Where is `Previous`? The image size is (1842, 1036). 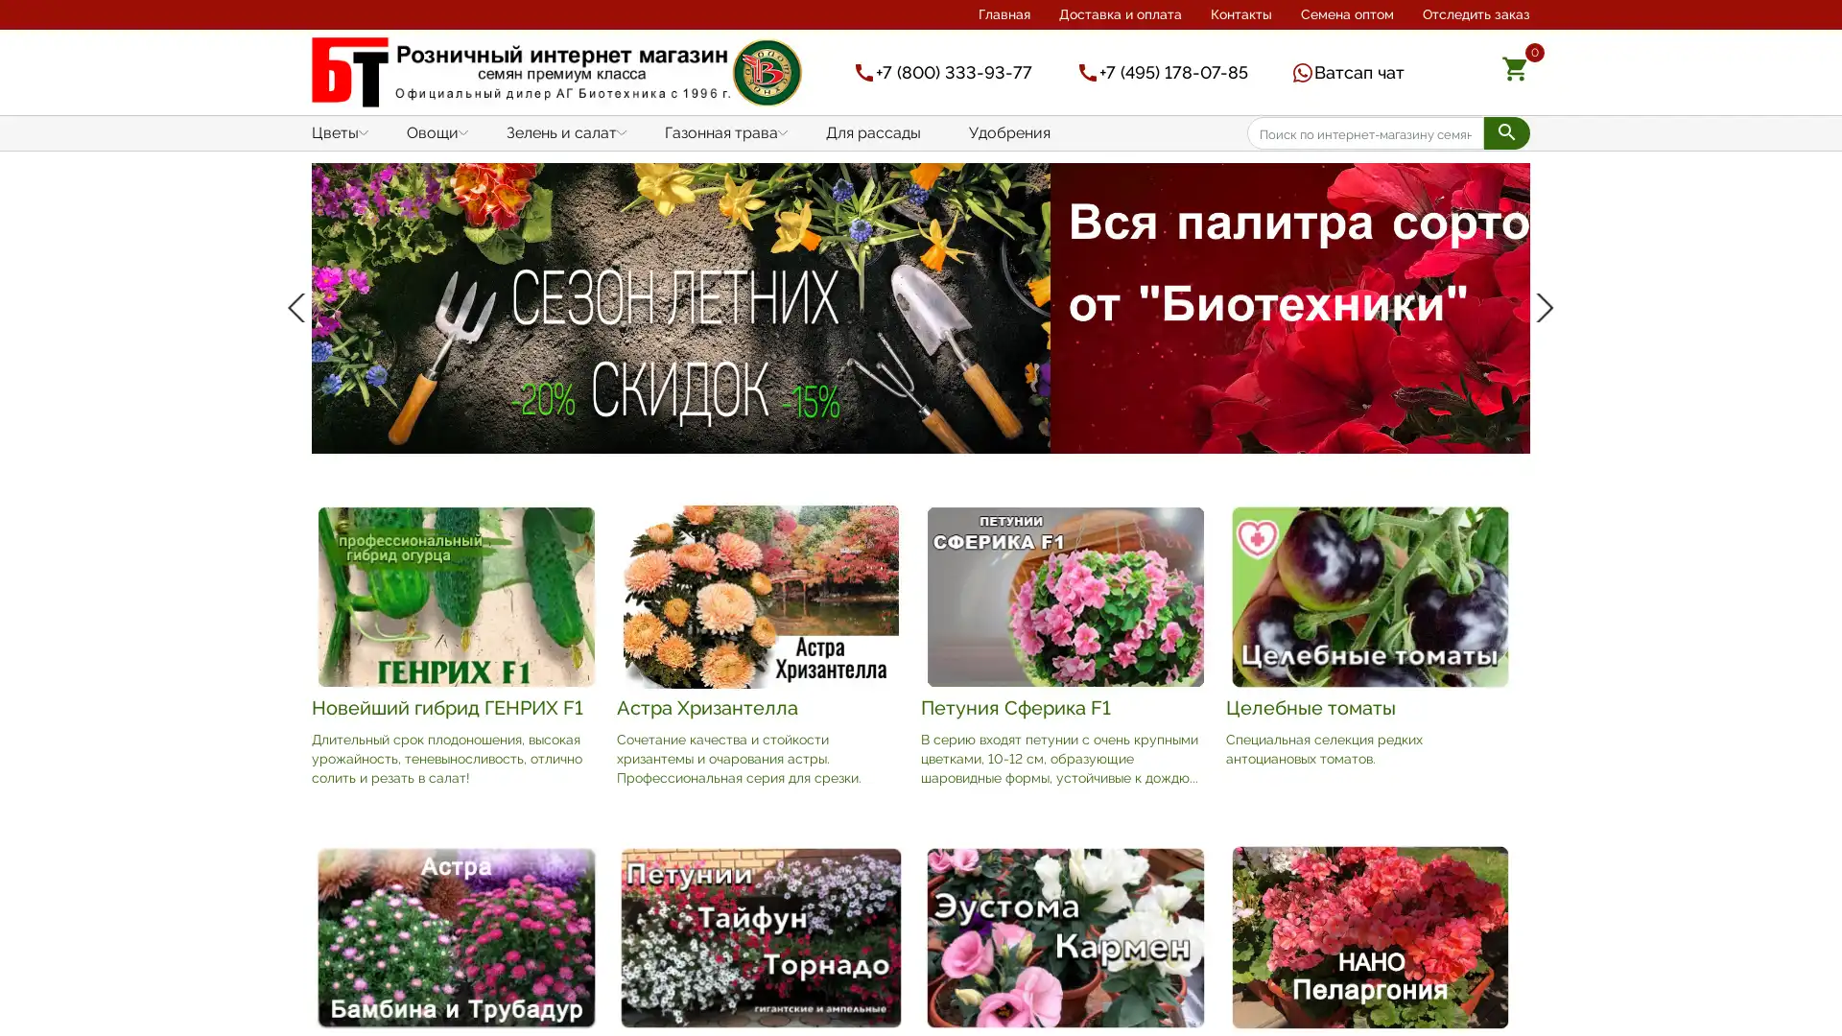 Previous is located at coordinates (299, 401).